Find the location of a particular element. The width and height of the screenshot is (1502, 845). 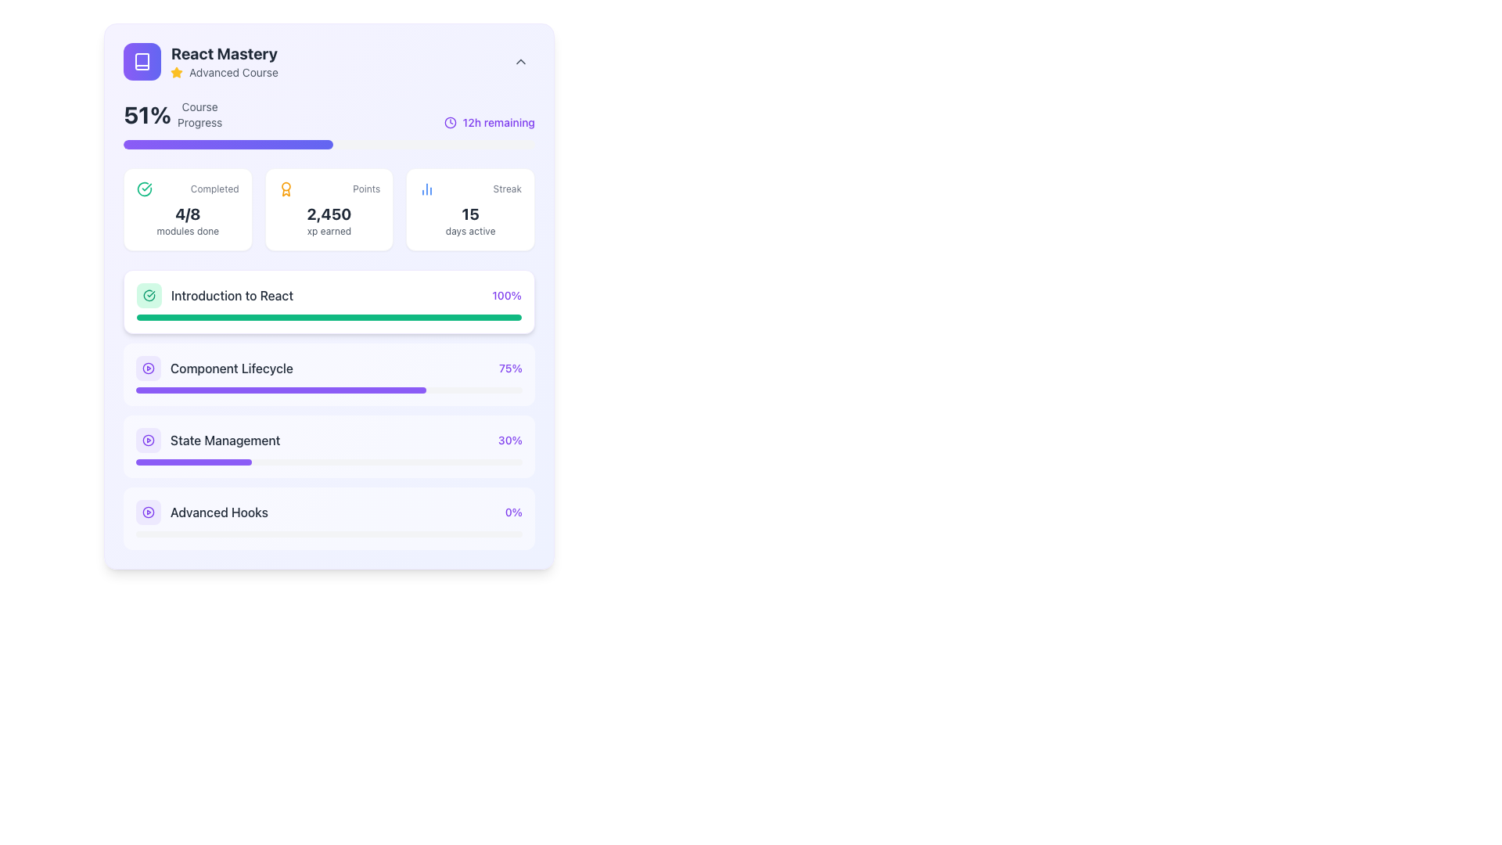

the decorative marker icon located to the left of the text 'Introduction to React' in the course modules list is located at coordinates (149, 296).